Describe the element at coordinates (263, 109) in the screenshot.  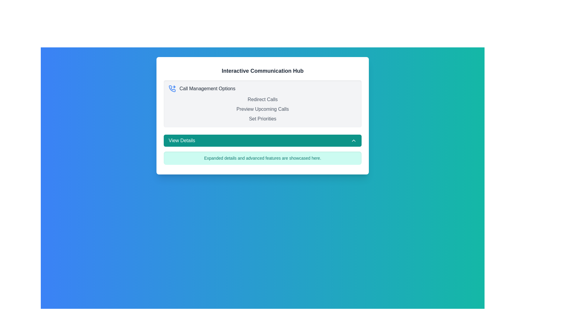
I see `the Text label that indicates an available feature or functionality related` at that location.